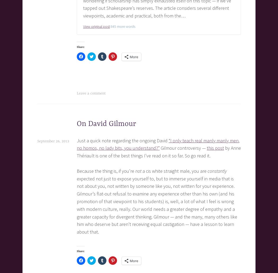  I want to click on 'by Anne Thériault is one of the best things I’ve read on it so far. So go read it.', so click(158, 152).